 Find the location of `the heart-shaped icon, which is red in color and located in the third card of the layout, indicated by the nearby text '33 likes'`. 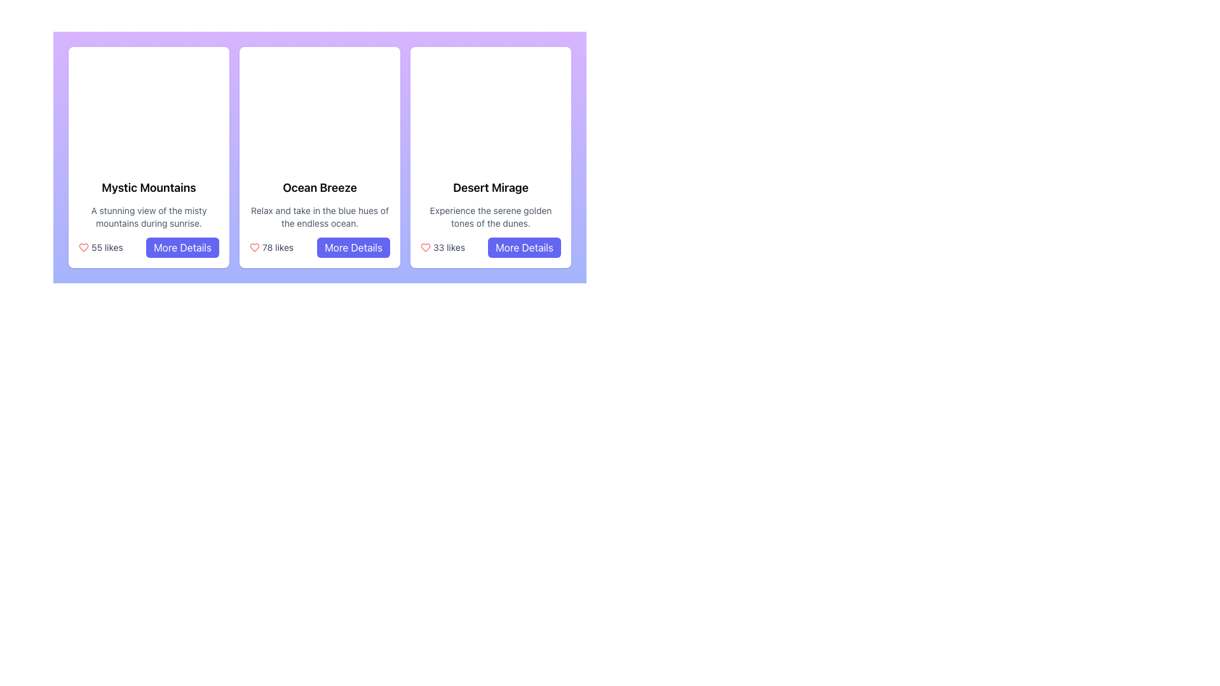

the heart-shaped icon, which is red in color and located in the third card of the layout, indicated by the nearby text '33 likes' is located at coordinates (426, 247).